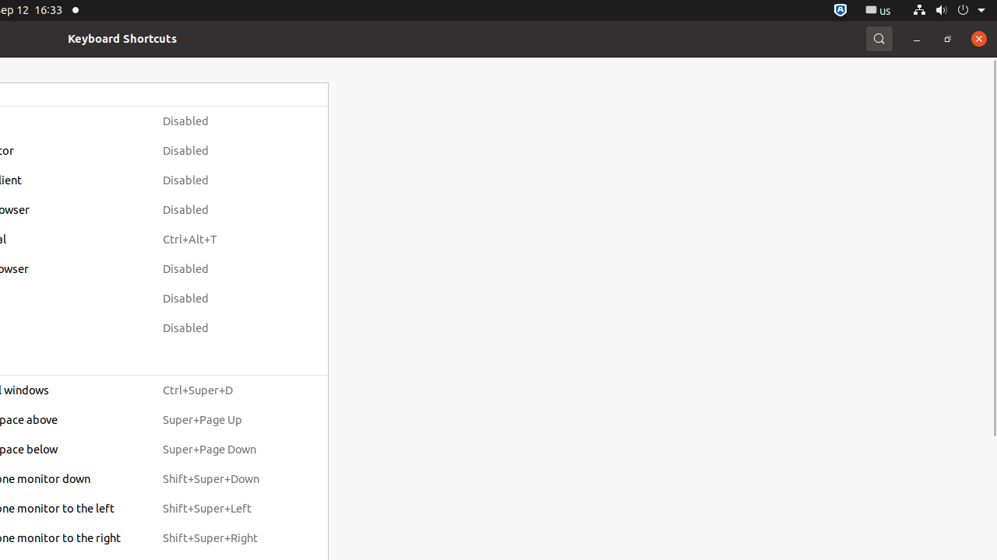  What do you see at coordinates (224, 420) in the screenshot?
I see `'Super+Page Up'` at bounding box center [224, 420].